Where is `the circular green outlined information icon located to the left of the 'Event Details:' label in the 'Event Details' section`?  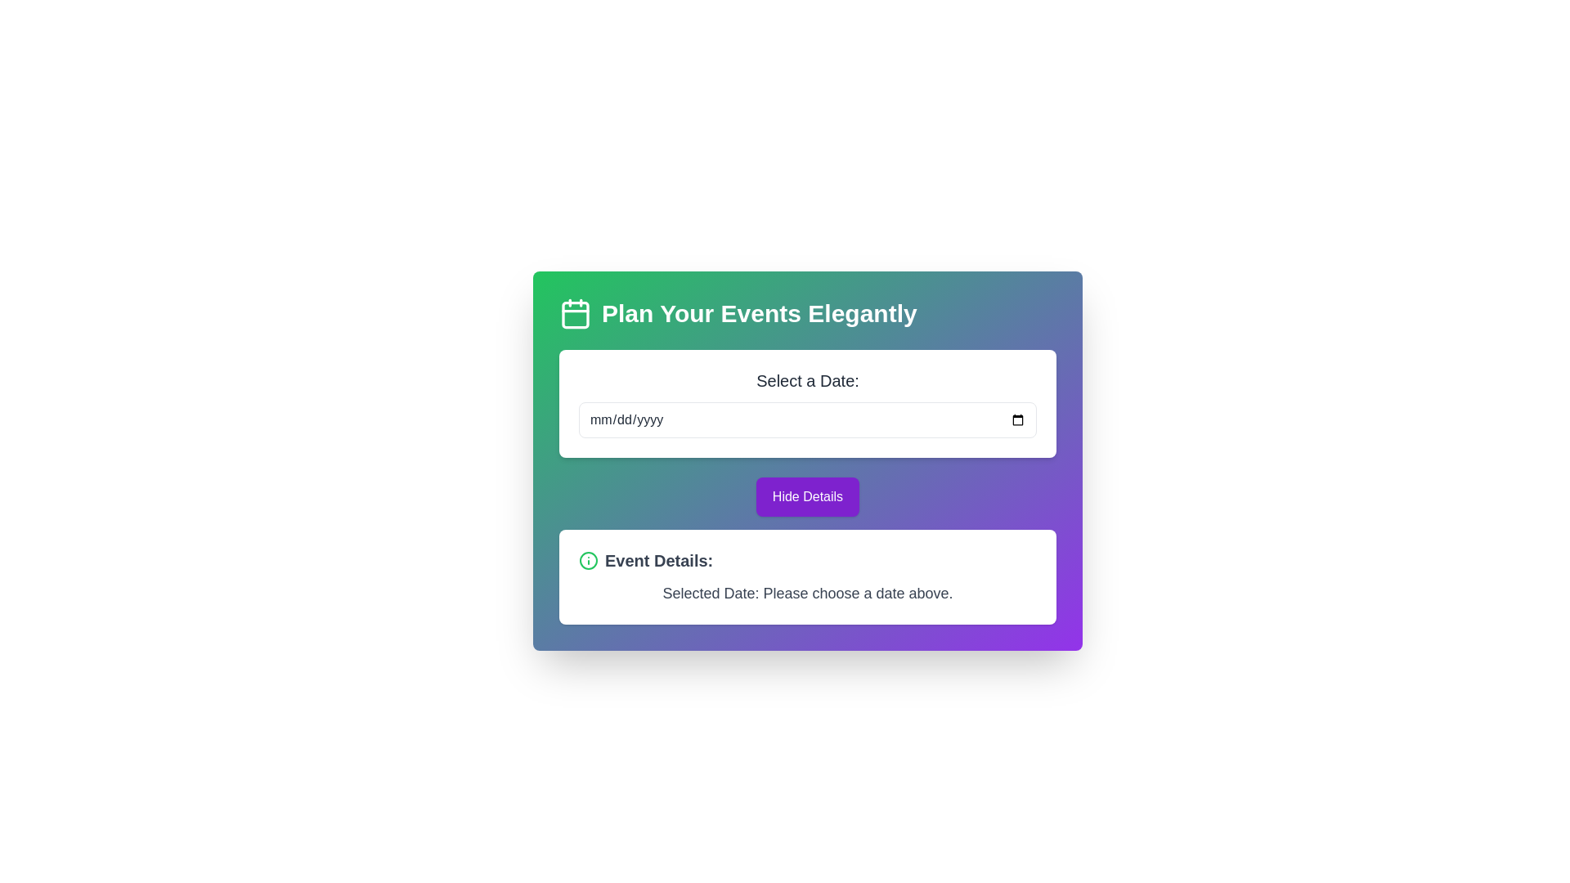
the circular green outlined information icon located to the left of the 'Event Details:' label in the 'Event Details' section is located at coordinates (589, 560).